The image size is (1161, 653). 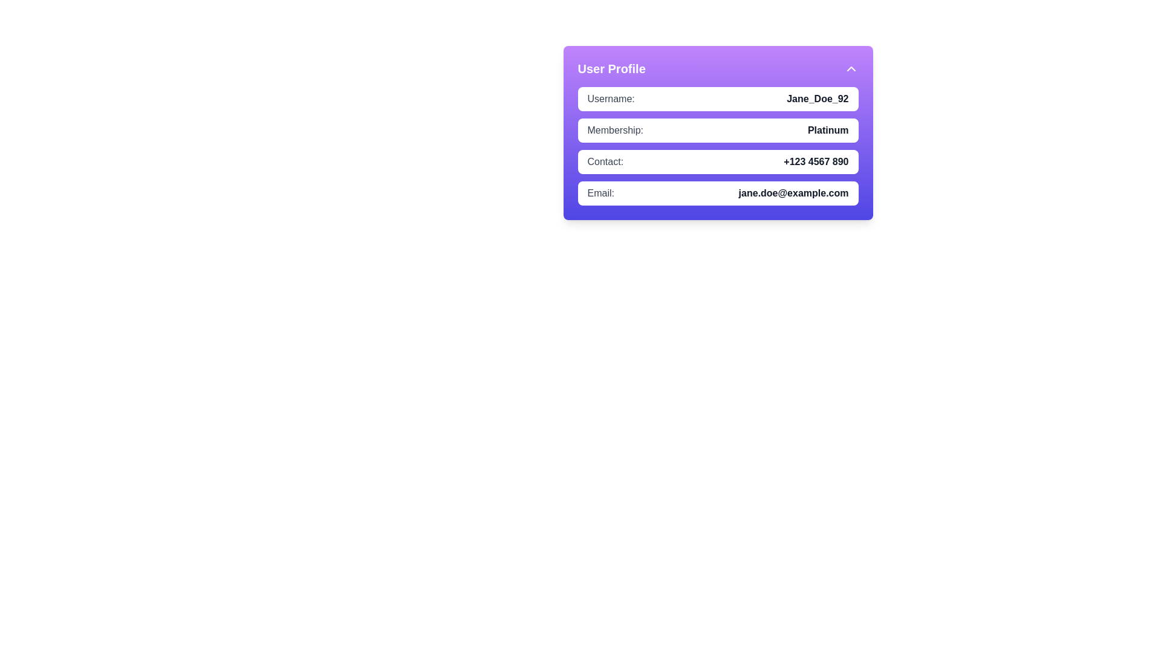 What do you see at coordinates (600, 193) in the screenshot?
I see `the text label reading 'Email:' which is styled in gray and located on the left side of the user profile card` at bounding box center [600, 193].